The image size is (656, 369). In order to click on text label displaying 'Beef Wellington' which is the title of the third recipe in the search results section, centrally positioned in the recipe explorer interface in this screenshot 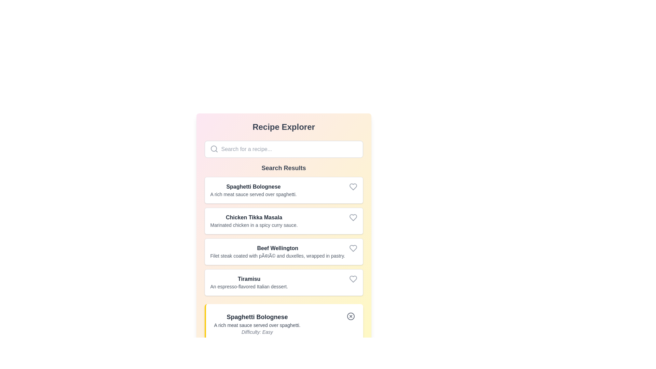, I will do `click(277, 248)`.